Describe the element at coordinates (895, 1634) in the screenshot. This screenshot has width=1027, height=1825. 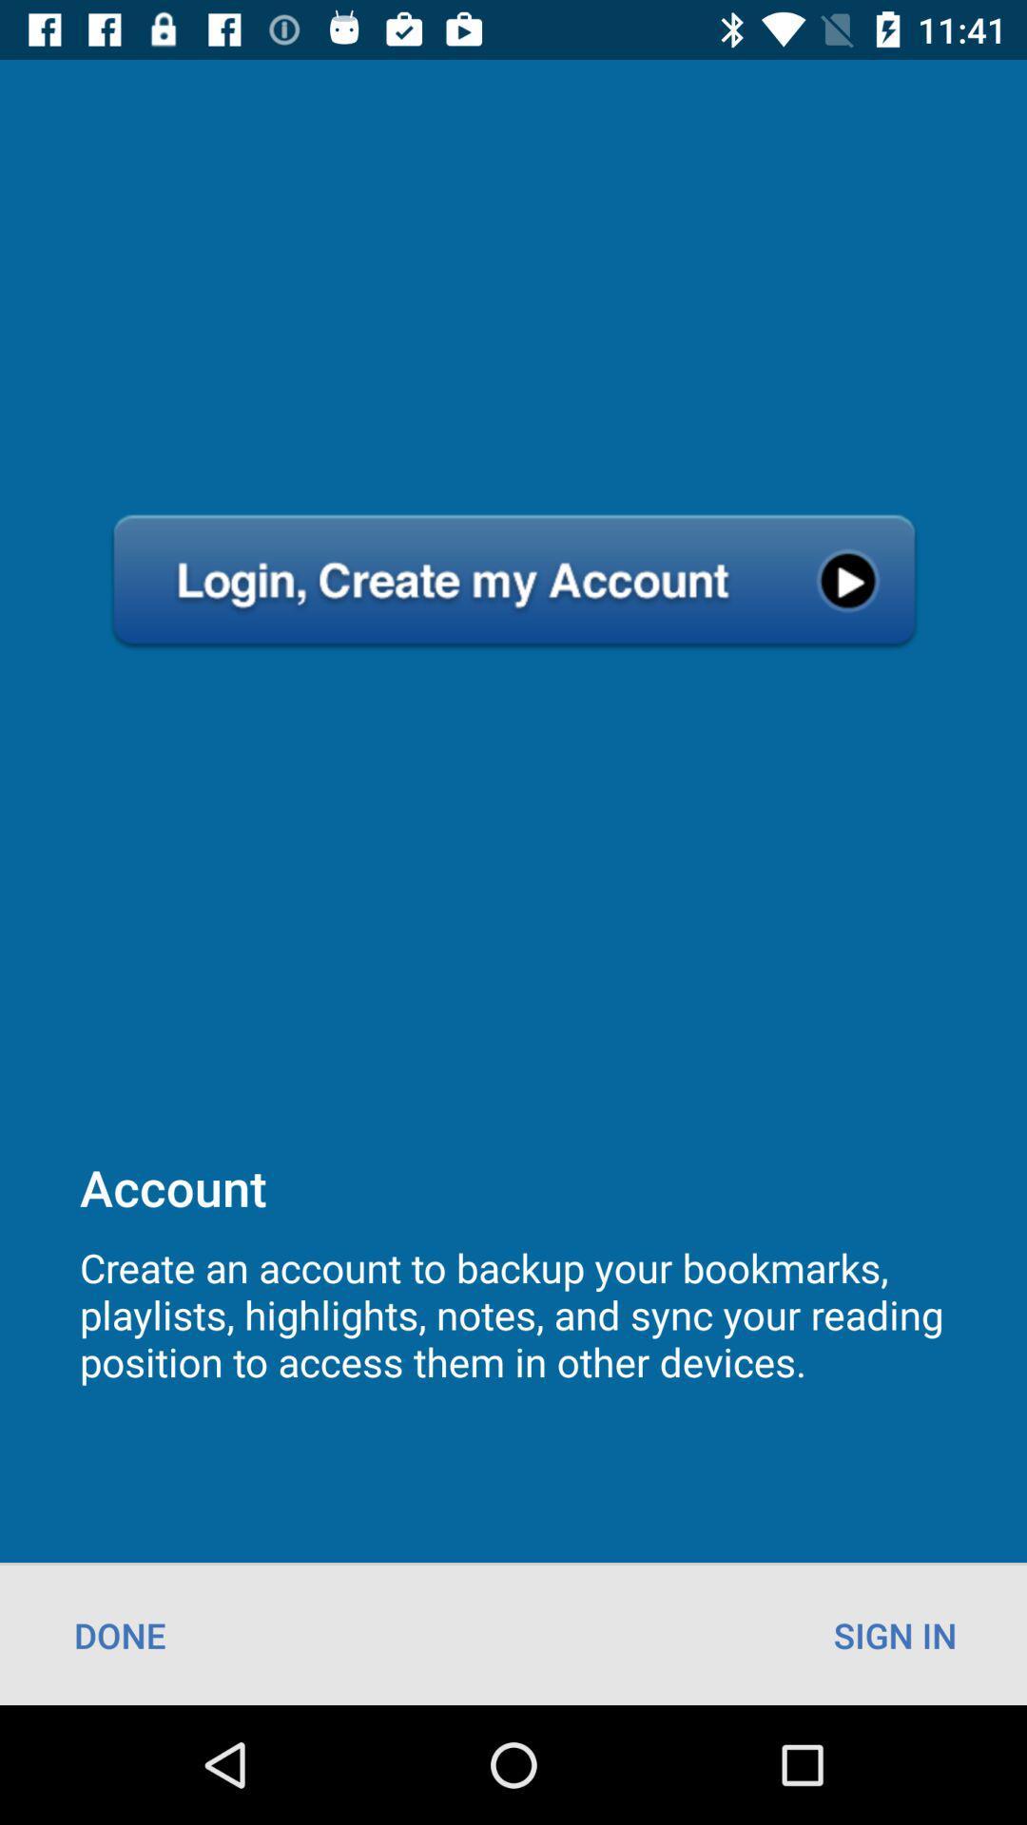
I see `sign in` at that location.